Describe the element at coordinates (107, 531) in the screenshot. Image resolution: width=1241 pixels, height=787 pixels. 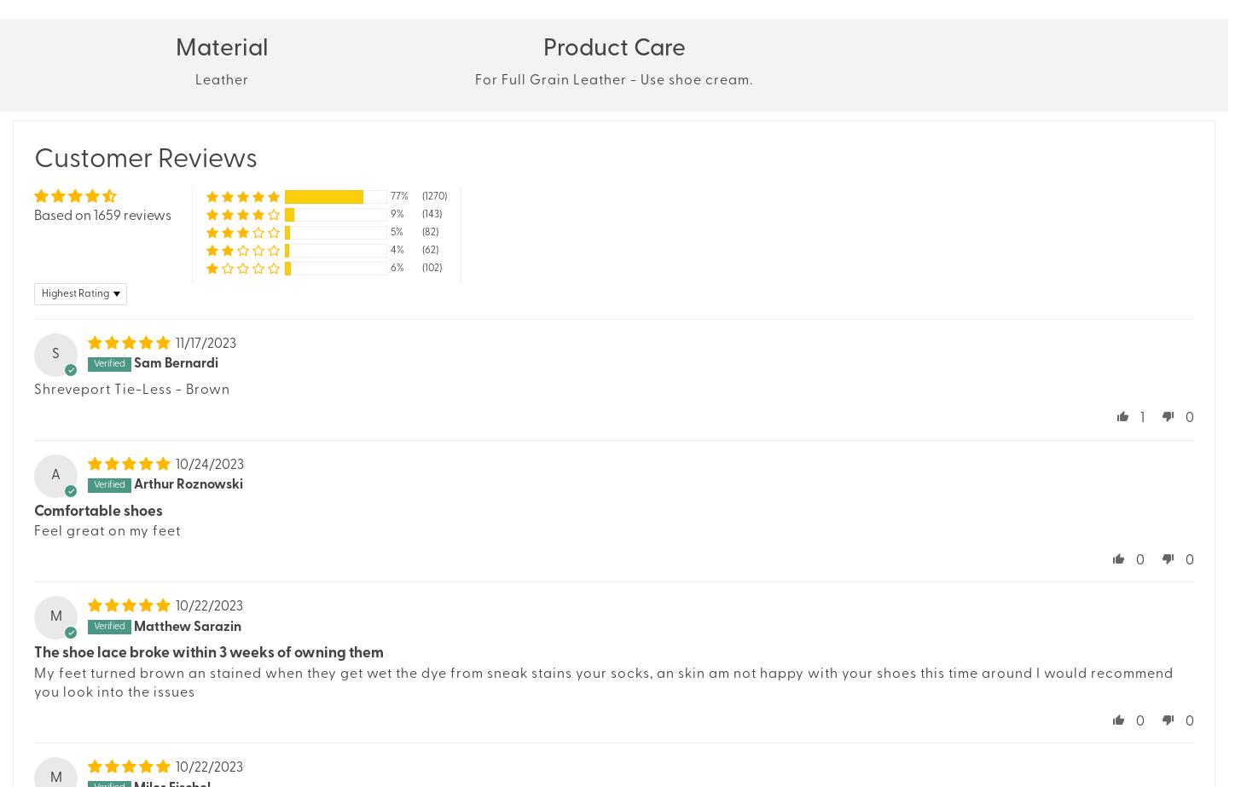
I see `'Feel great on my feet'` at that location.